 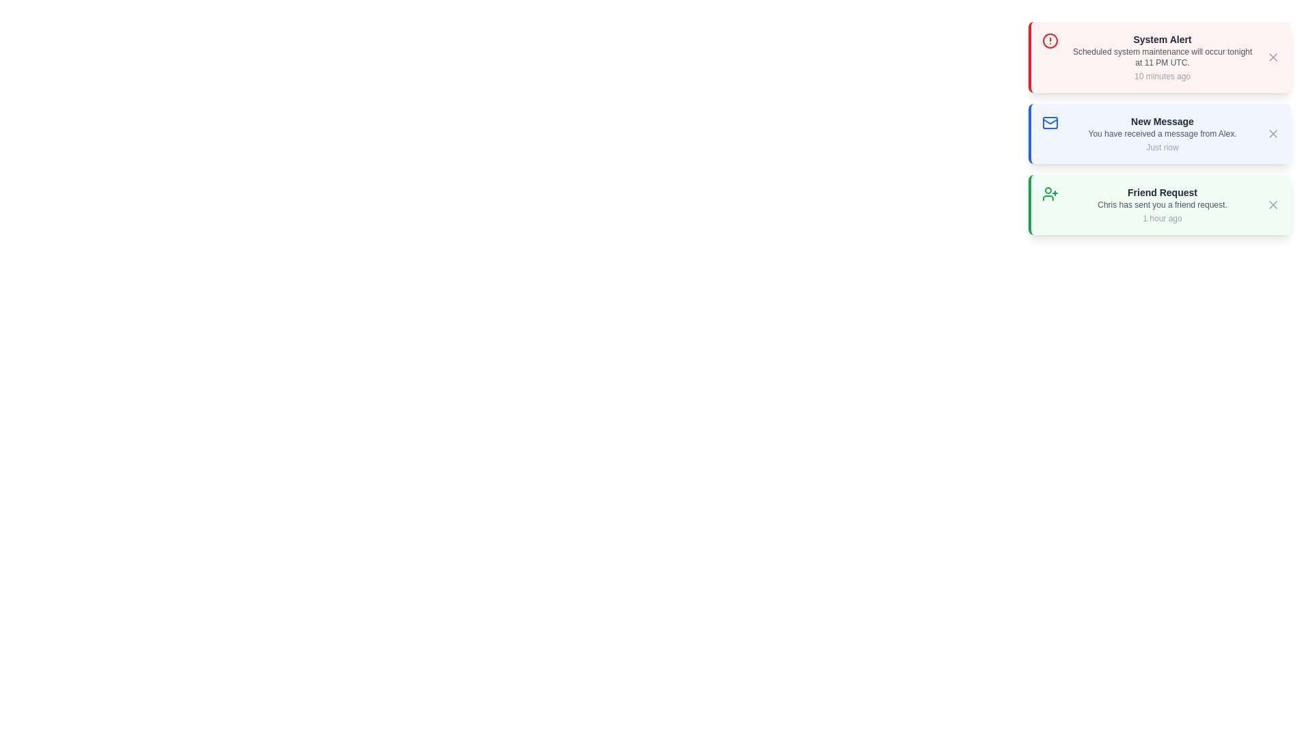 I want to click on the close button located at the far right of the 'System Alert' notification, so click(x=1273, y=57).